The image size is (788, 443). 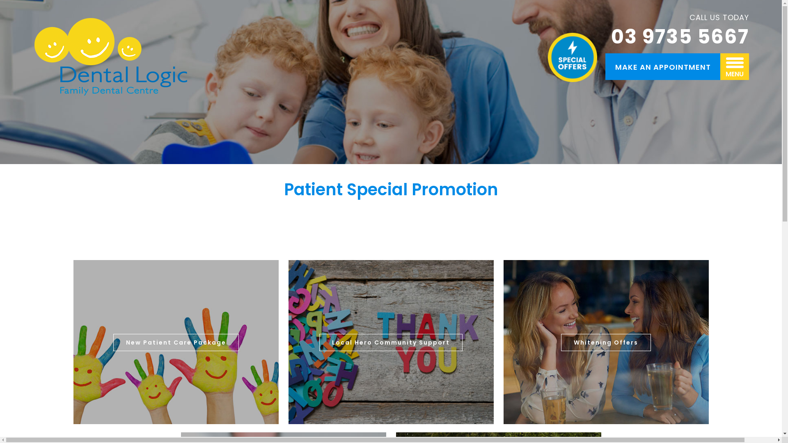 What do you see at coordinates (680, 37) in the screenshot?
I see `'03 9735 5667'` at bounding box center [680, 37].